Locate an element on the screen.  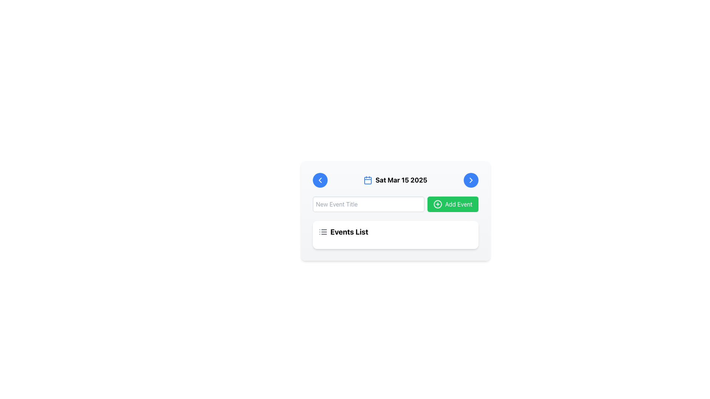
the icon located to the left of the 'Add Event' text within the green button to indicate the addition of new events is located at coordinates (437, 204).